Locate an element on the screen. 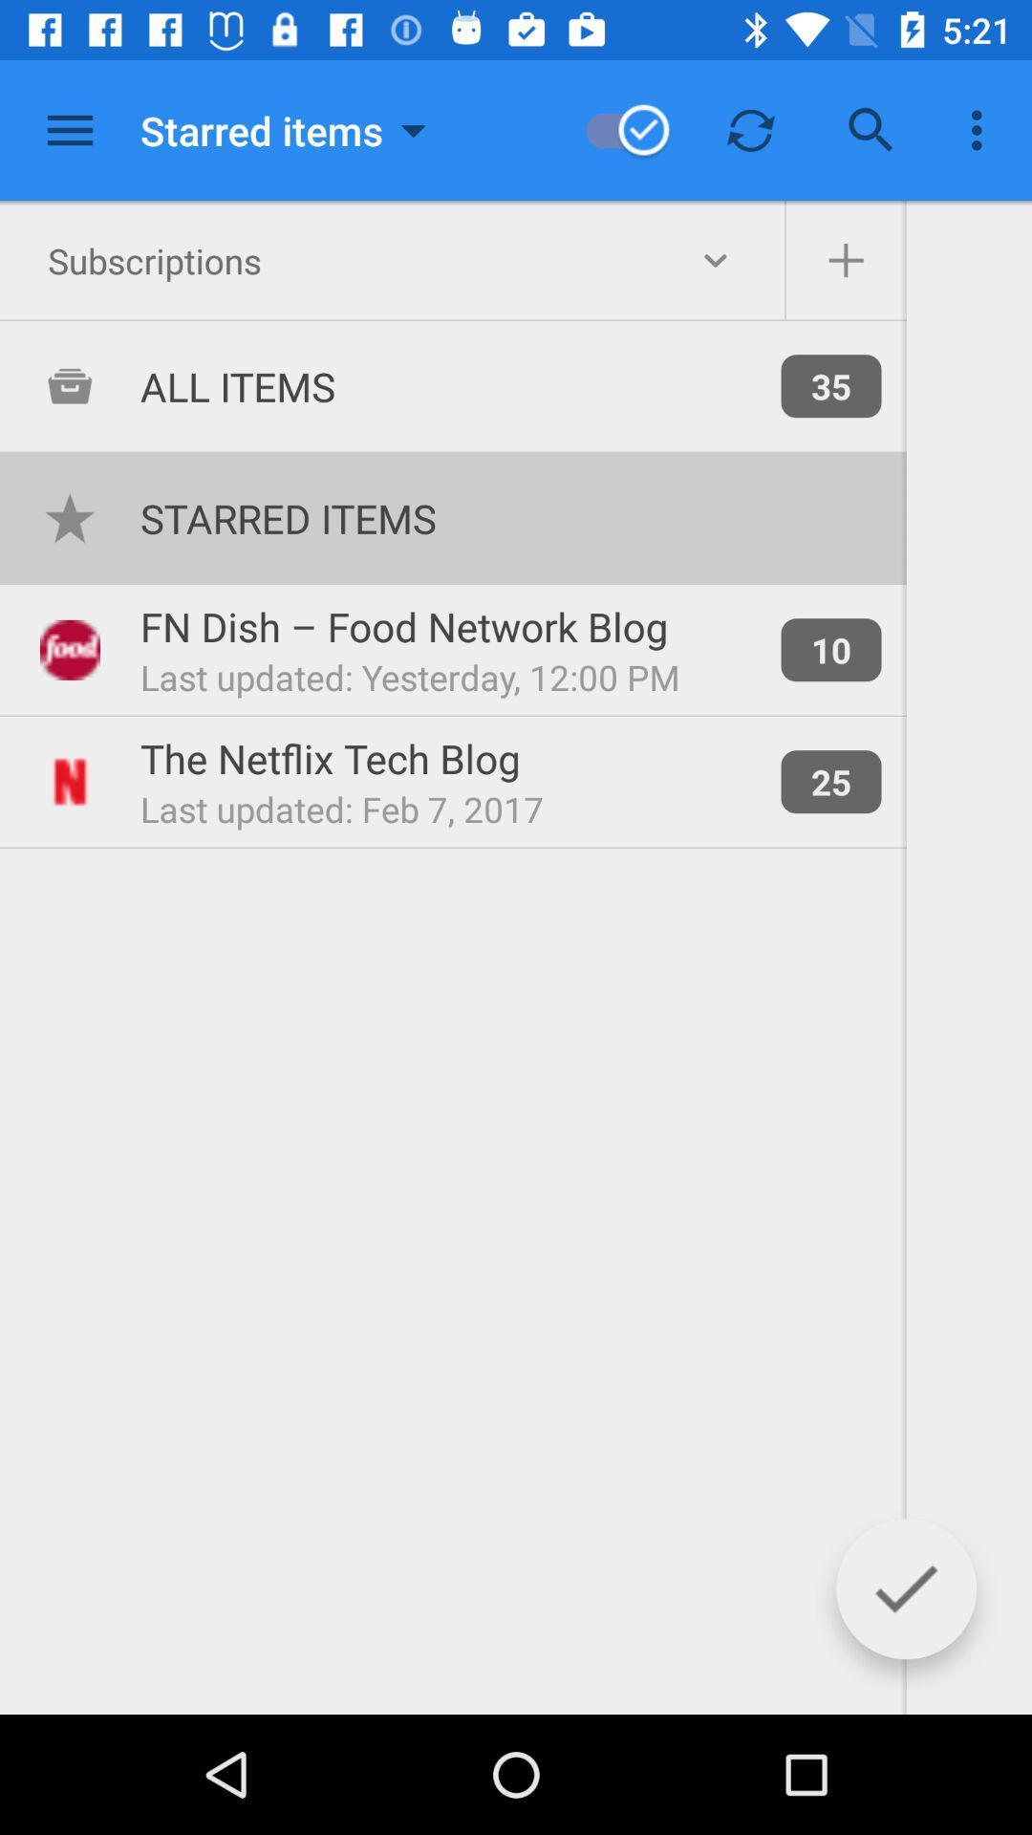  subscriptions is located at coordinates (845, 260).